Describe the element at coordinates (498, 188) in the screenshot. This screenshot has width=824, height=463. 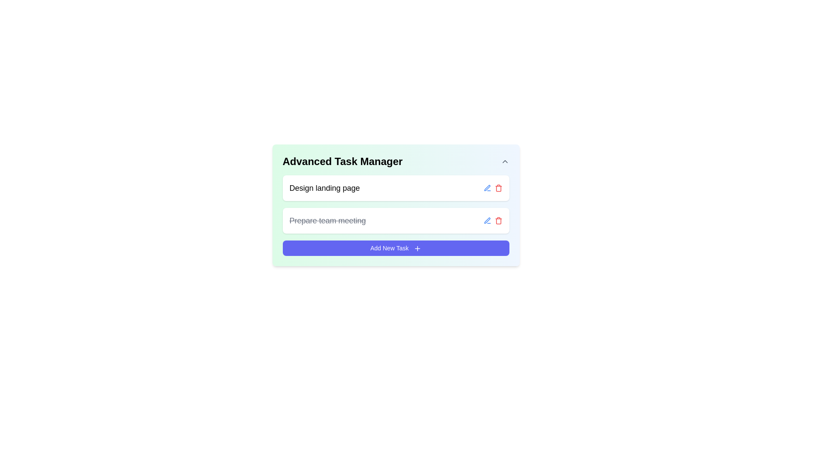
I see `the delete button located in the second item of the task list under 'Advanced Task Manager'` at that location.